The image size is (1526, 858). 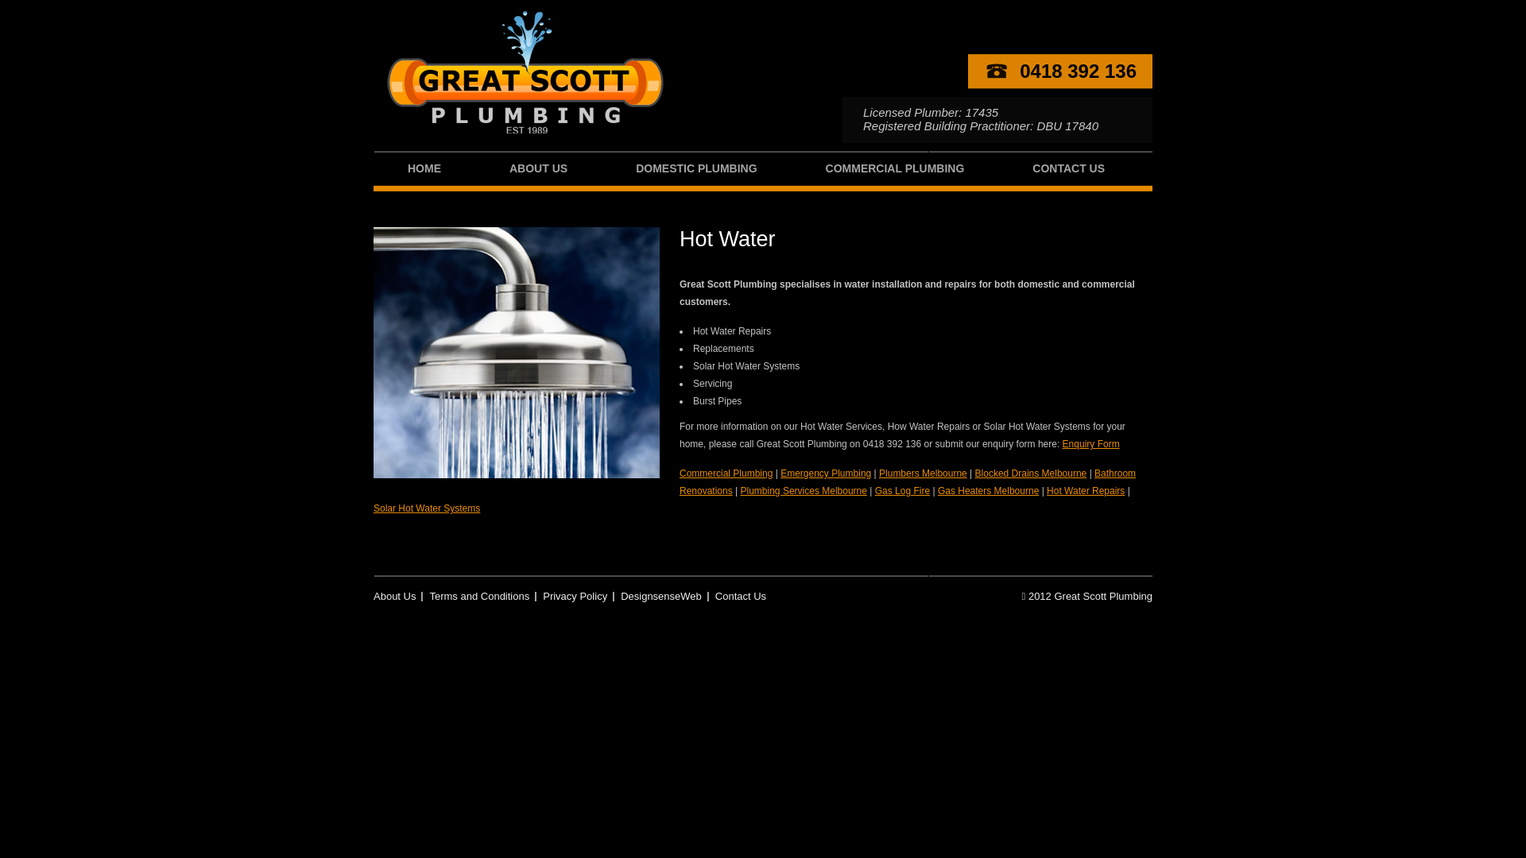 What do you see at coordinates (825, 473) in the screenshot?
I see `'Emergency Plumbing'` at bounding box center [825, 473].